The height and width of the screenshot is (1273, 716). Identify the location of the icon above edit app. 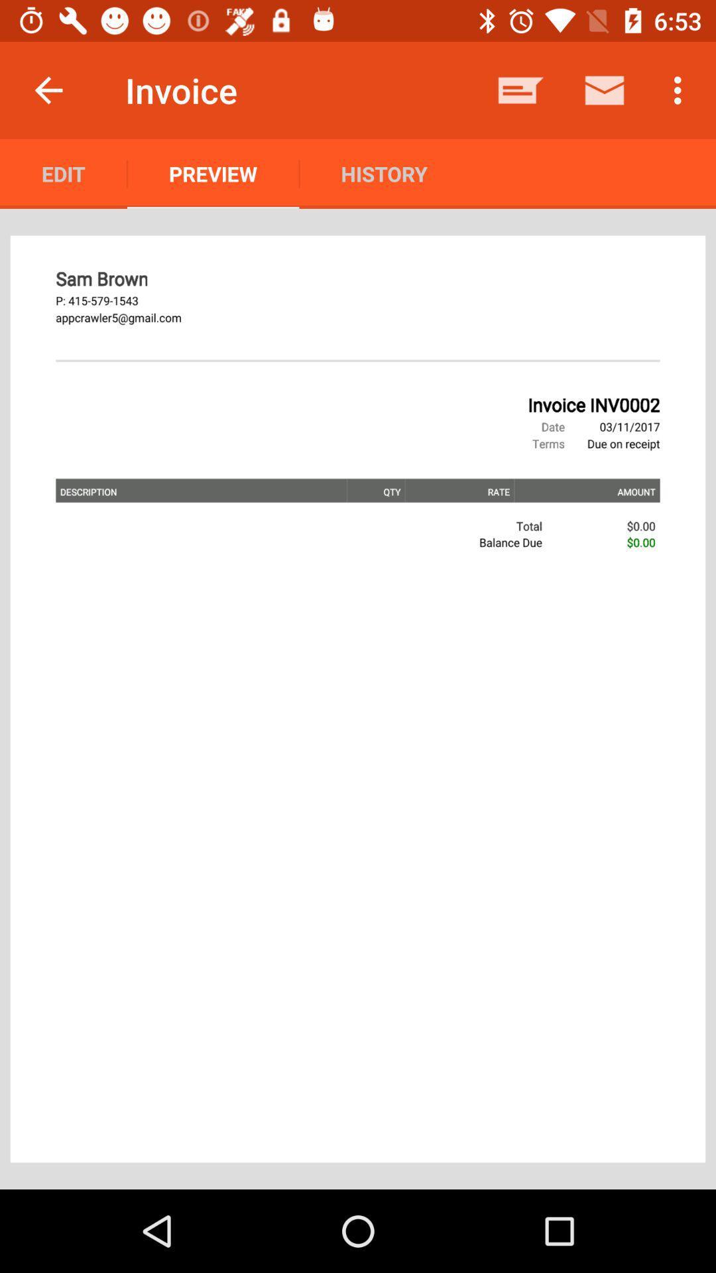
(48, 90).